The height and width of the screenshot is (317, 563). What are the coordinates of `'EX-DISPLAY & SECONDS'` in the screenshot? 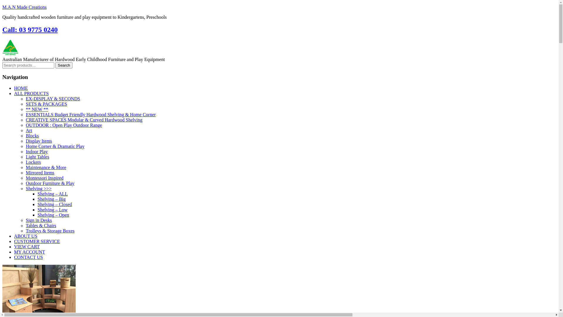 It's located at (53, 98).